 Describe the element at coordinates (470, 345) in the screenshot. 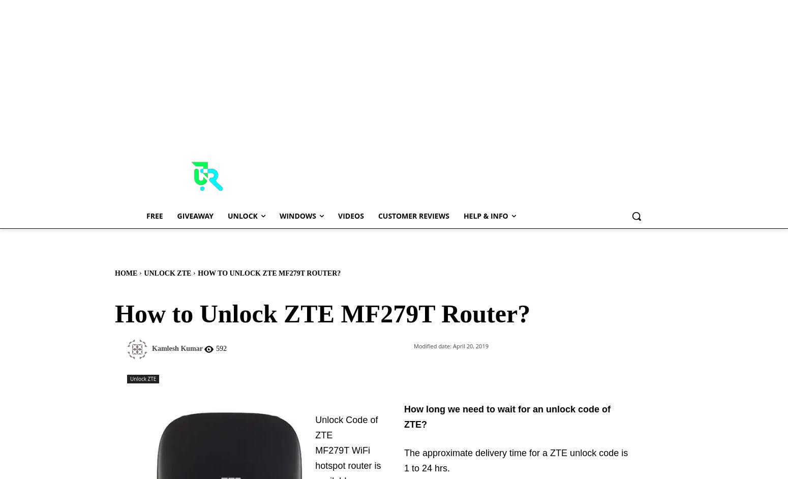

I see `'April 20, 2019'` at that location.